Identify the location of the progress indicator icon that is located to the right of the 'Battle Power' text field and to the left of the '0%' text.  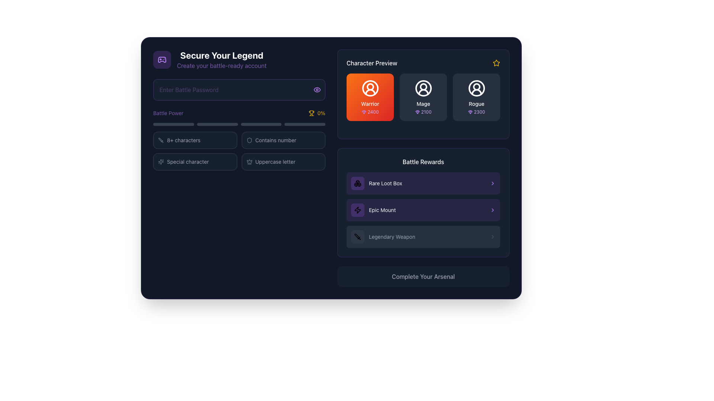
(311, 113).